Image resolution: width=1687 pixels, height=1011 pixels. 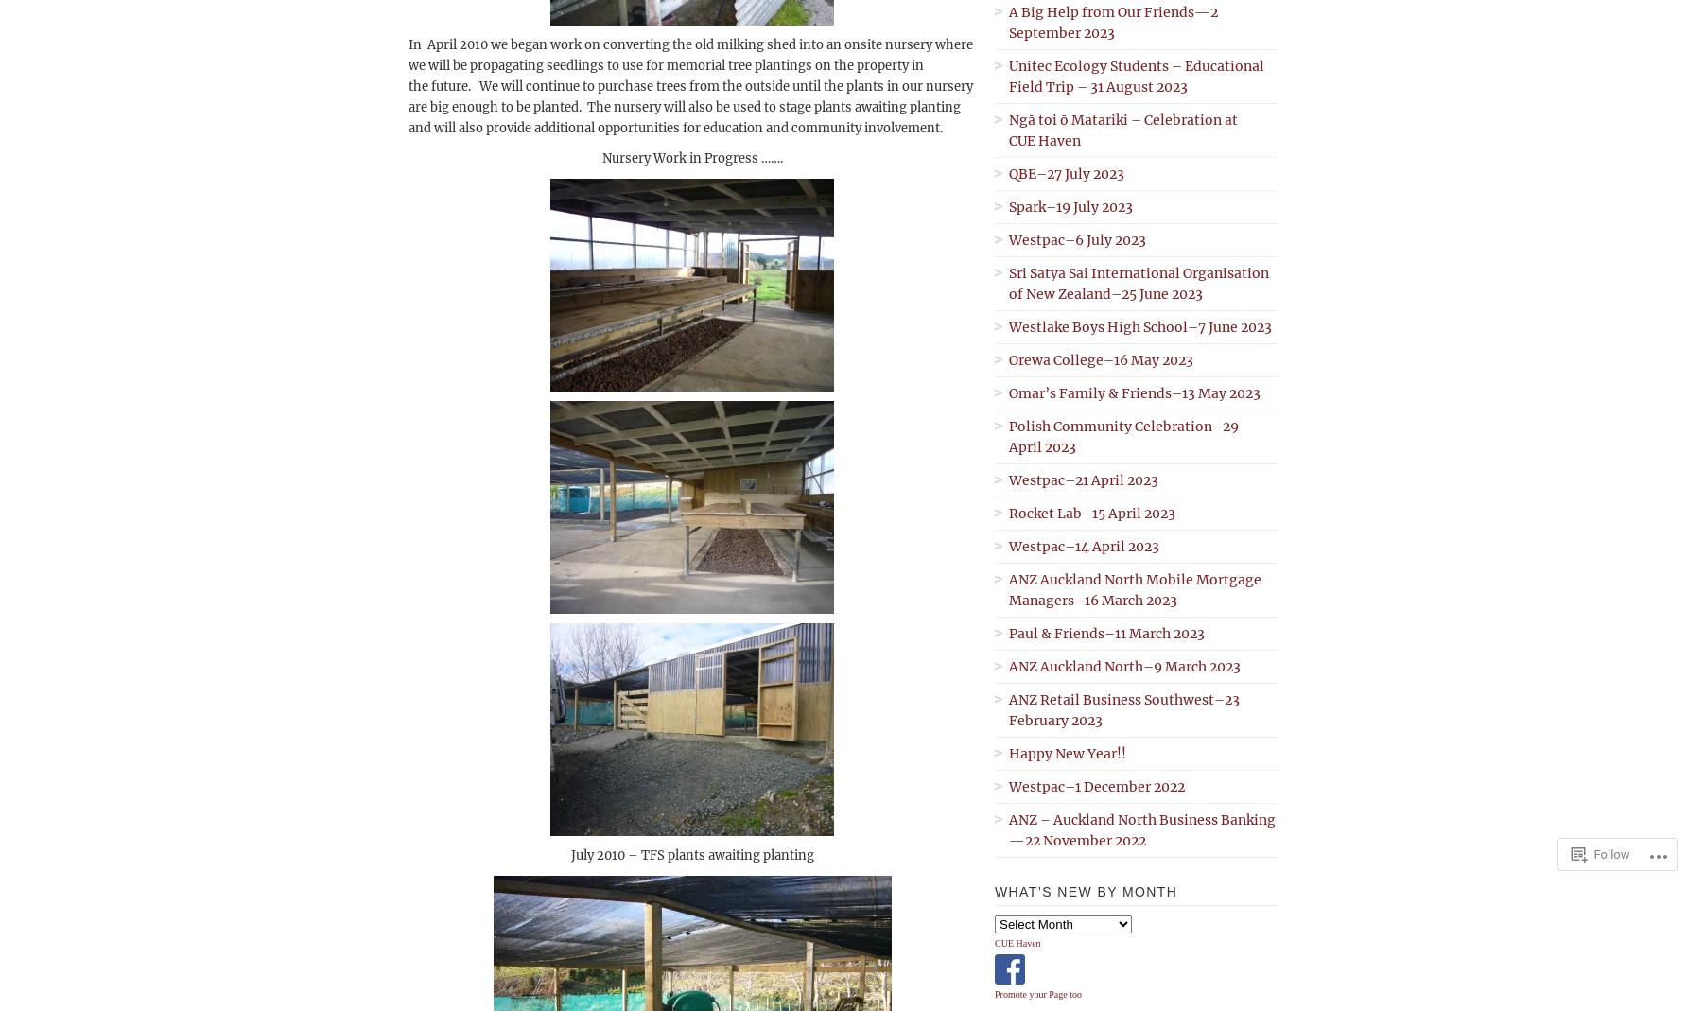 I want to click on 'Follow', so click(x=1610, y=853).